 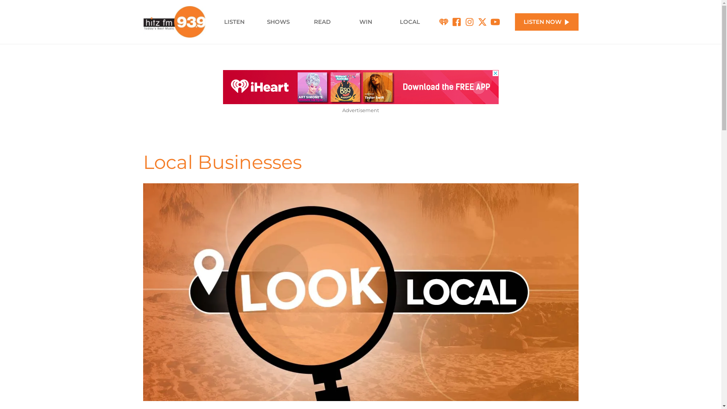 What do you see at coordinates (495, 22) in the screenshot?
I see `'YouTube'` at bounding box center [495, 22].